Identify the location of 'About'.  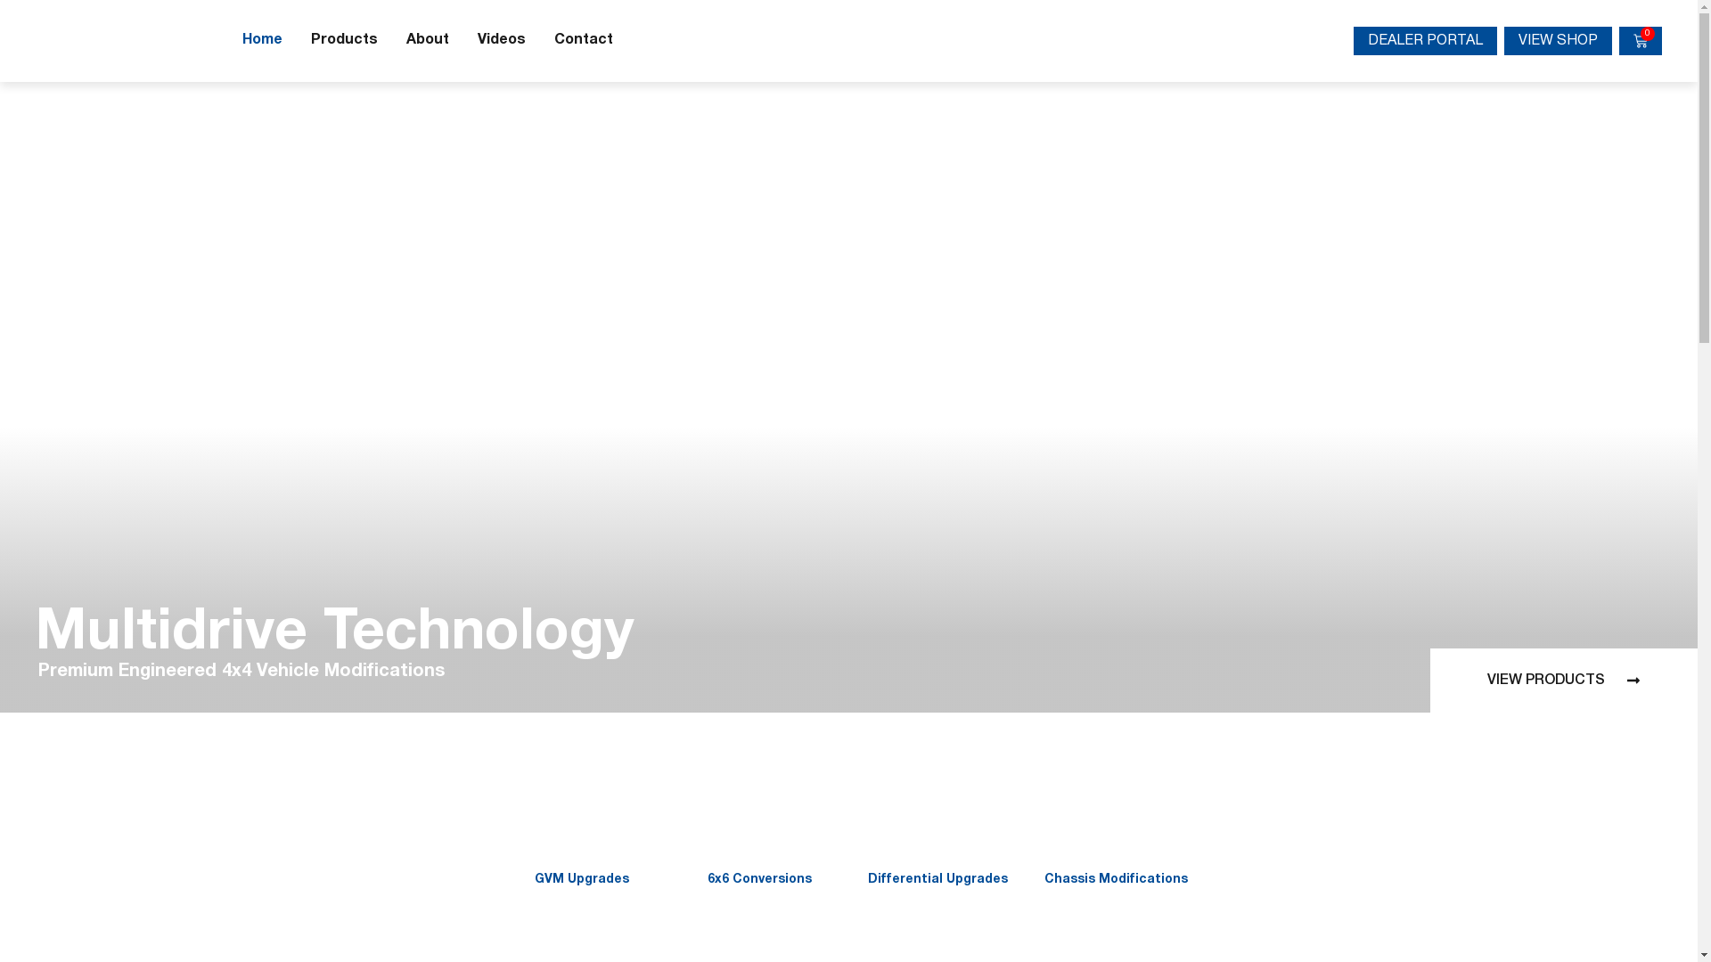
(428, 40).